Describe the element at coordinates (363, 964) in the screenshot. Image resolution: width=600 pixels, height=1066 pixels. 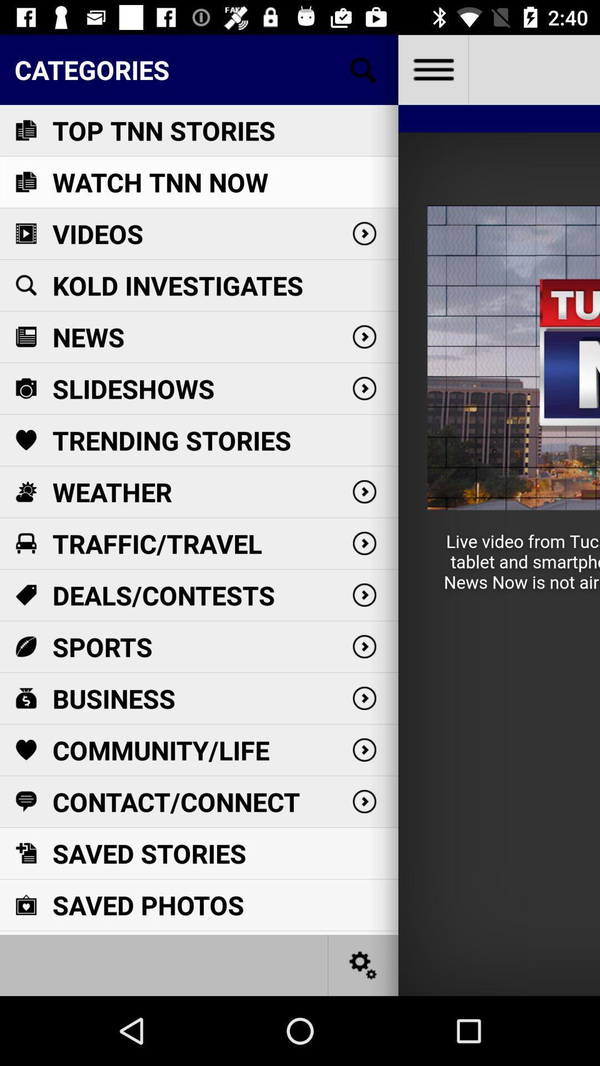
I see `the settings icon` at that location.